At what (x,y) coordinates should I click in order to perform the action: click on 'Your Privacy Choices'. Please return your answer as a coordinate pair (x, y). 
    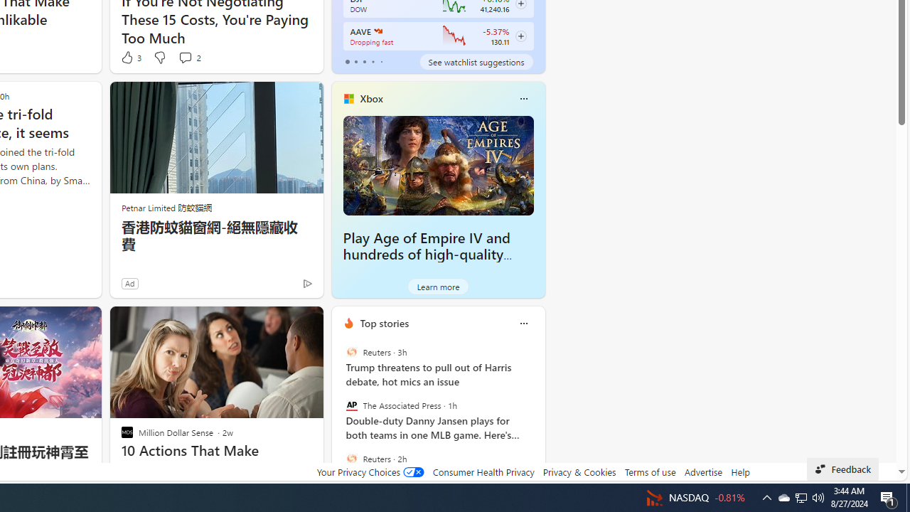
    Looking at the image, I should click on (370, 471).